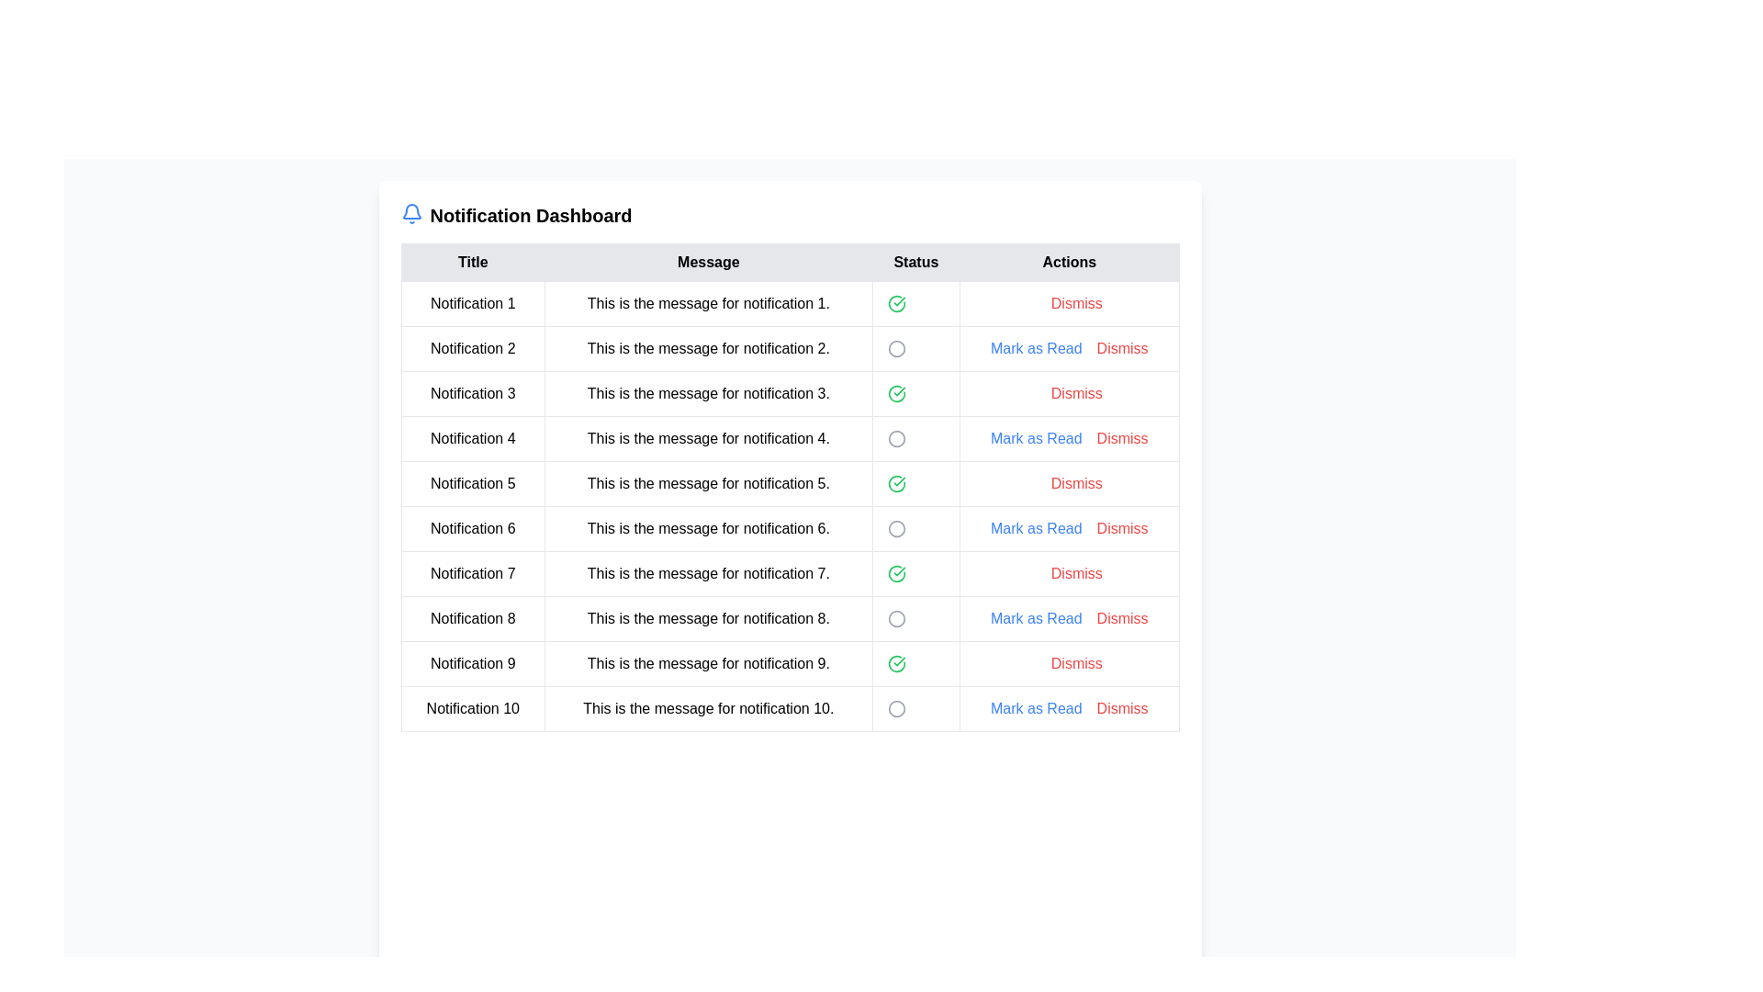 The image size is (1763, 992). Describe the element at coordinates (790, 349) in the screenshot. I see `the 'Mark as Read' button located in the second row of the notification table, which contains a title, a message, a status indicator, and two actionable buttons` at that location.